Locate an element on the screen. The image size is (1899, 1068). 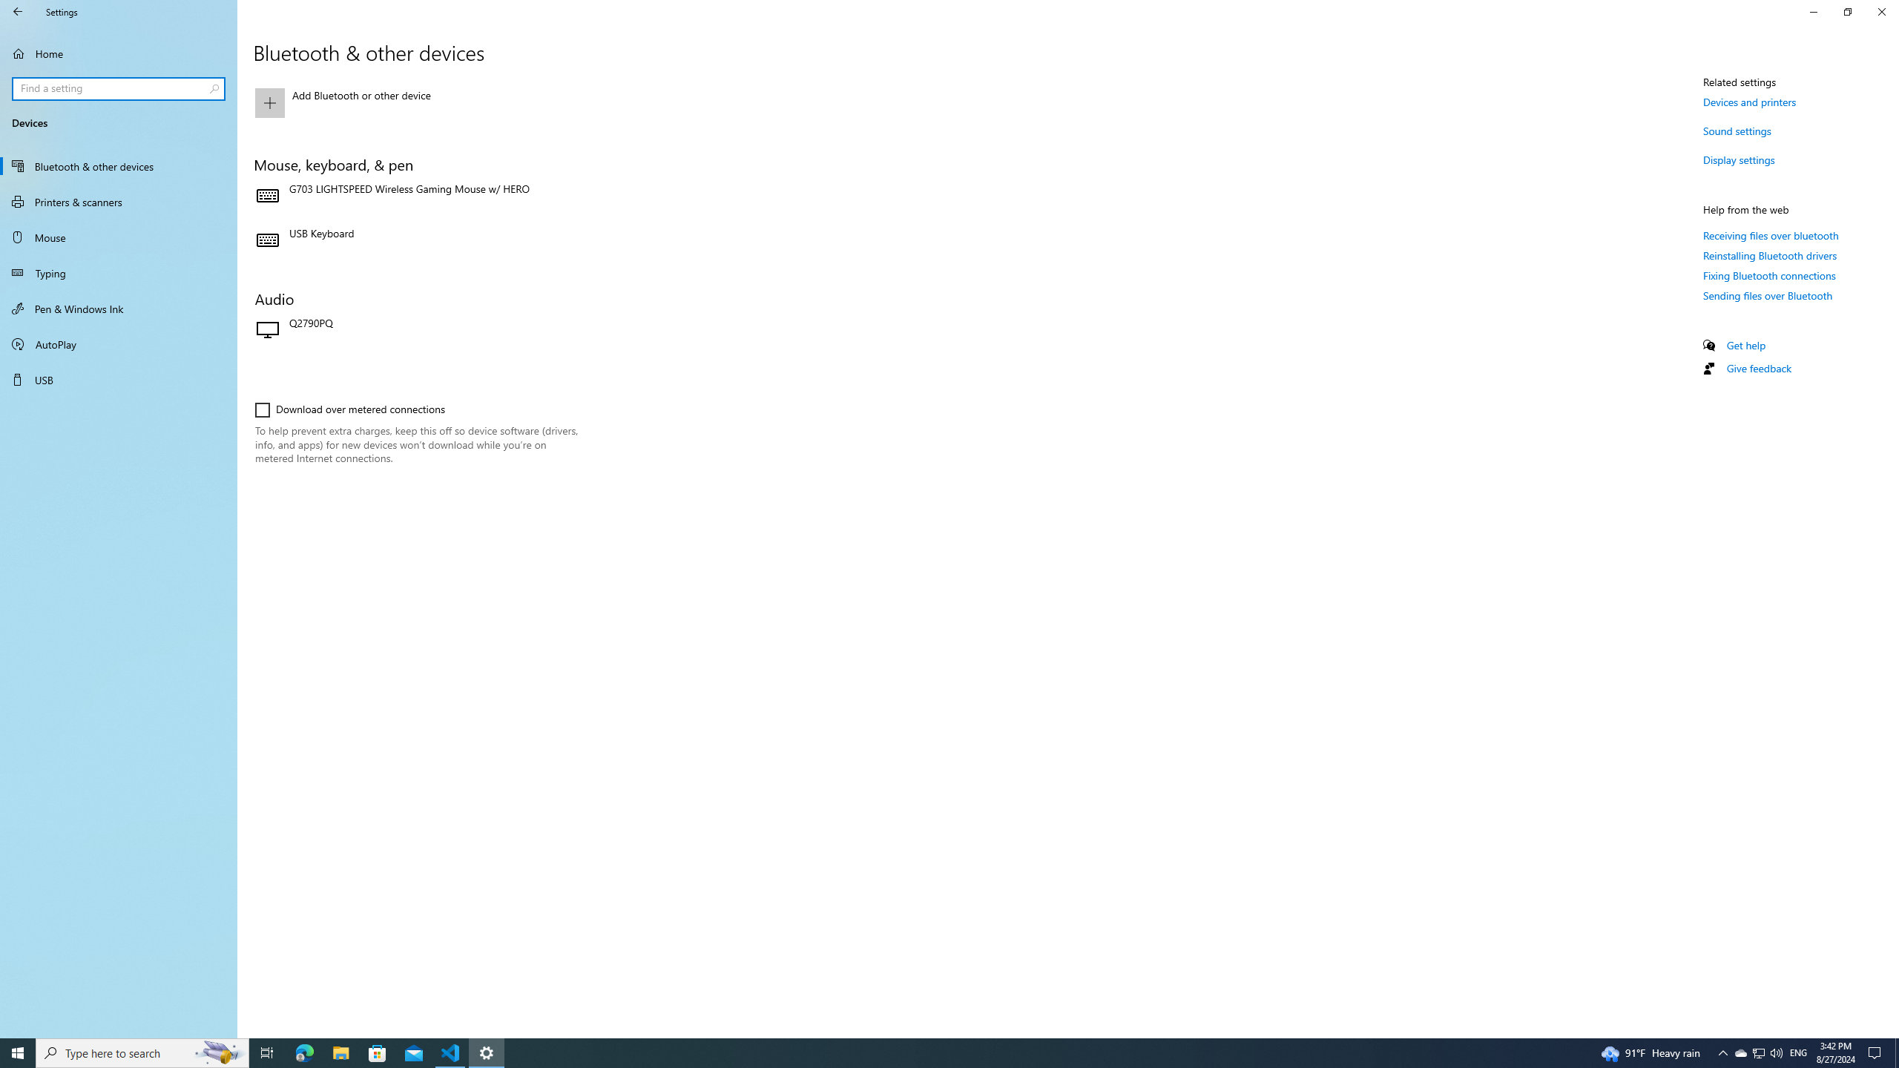
'Sending files over Bluetooth' is located at coordinates (1767, 295).